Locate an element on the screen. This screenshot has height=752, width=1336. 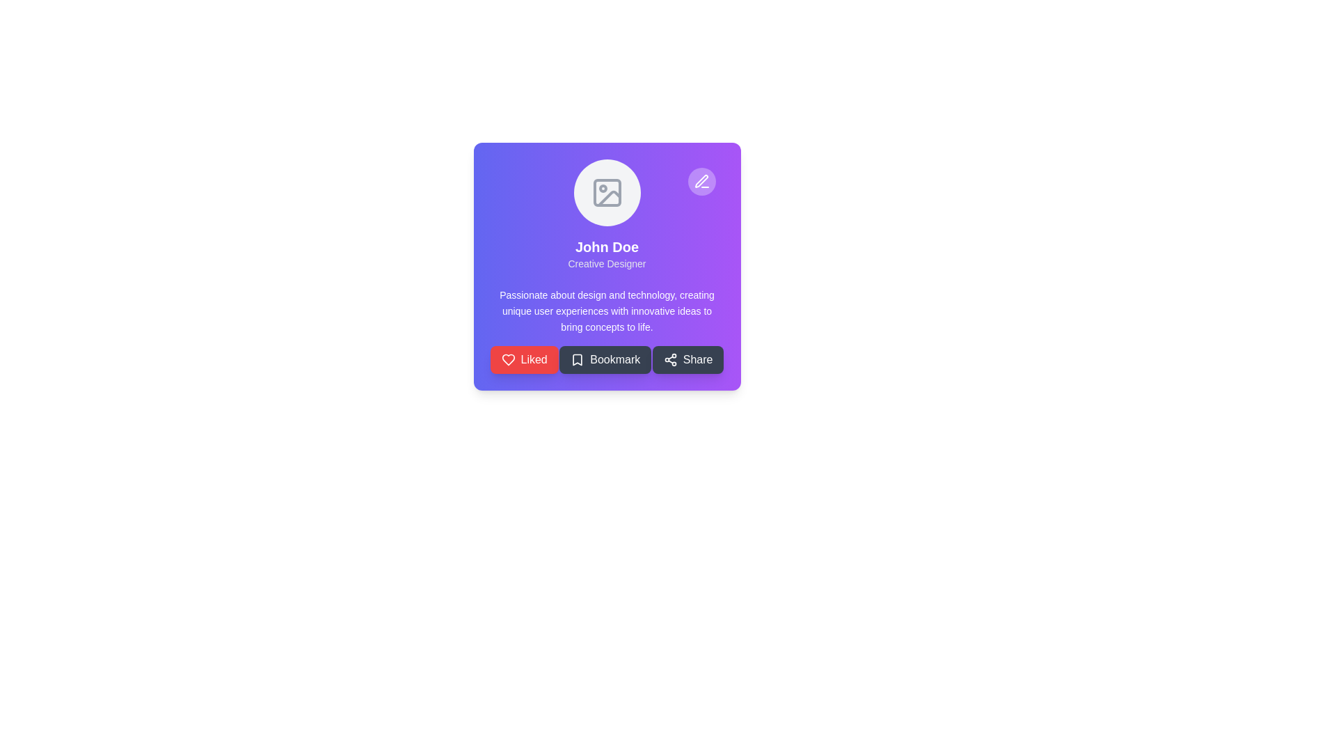
the decorative bookmark icon located at the center-left of the 'Bookmark' button, which is positioned centrally below the profile card, between the 'Liked' and 'Share' buttons is located at coordinates (578, 359).